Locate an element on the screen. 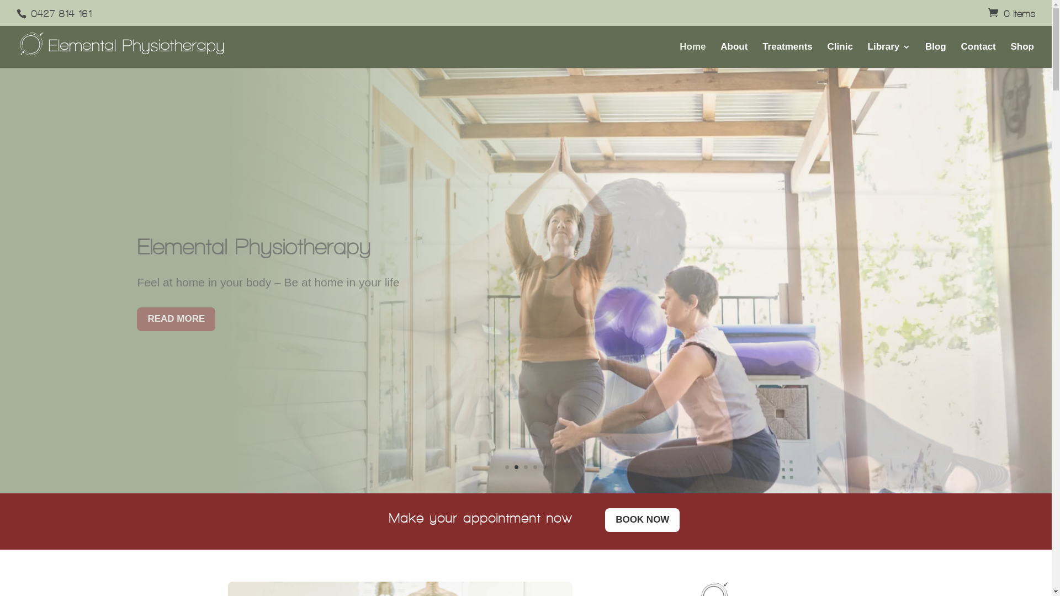  '2' is located at coordinates (516, 467).